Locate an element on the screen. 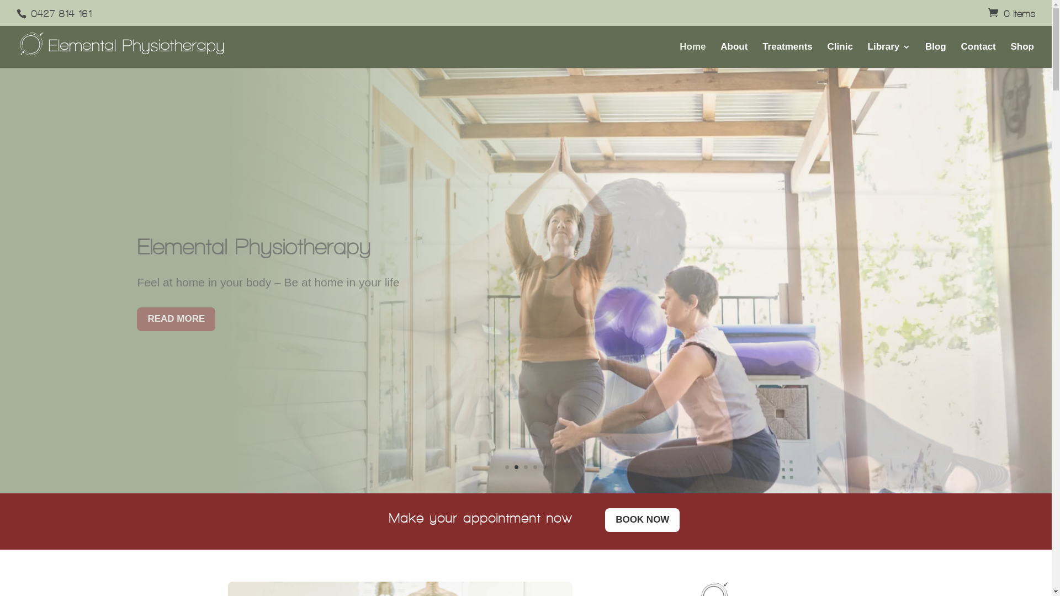  '2' is located at coordinates (516, 467).